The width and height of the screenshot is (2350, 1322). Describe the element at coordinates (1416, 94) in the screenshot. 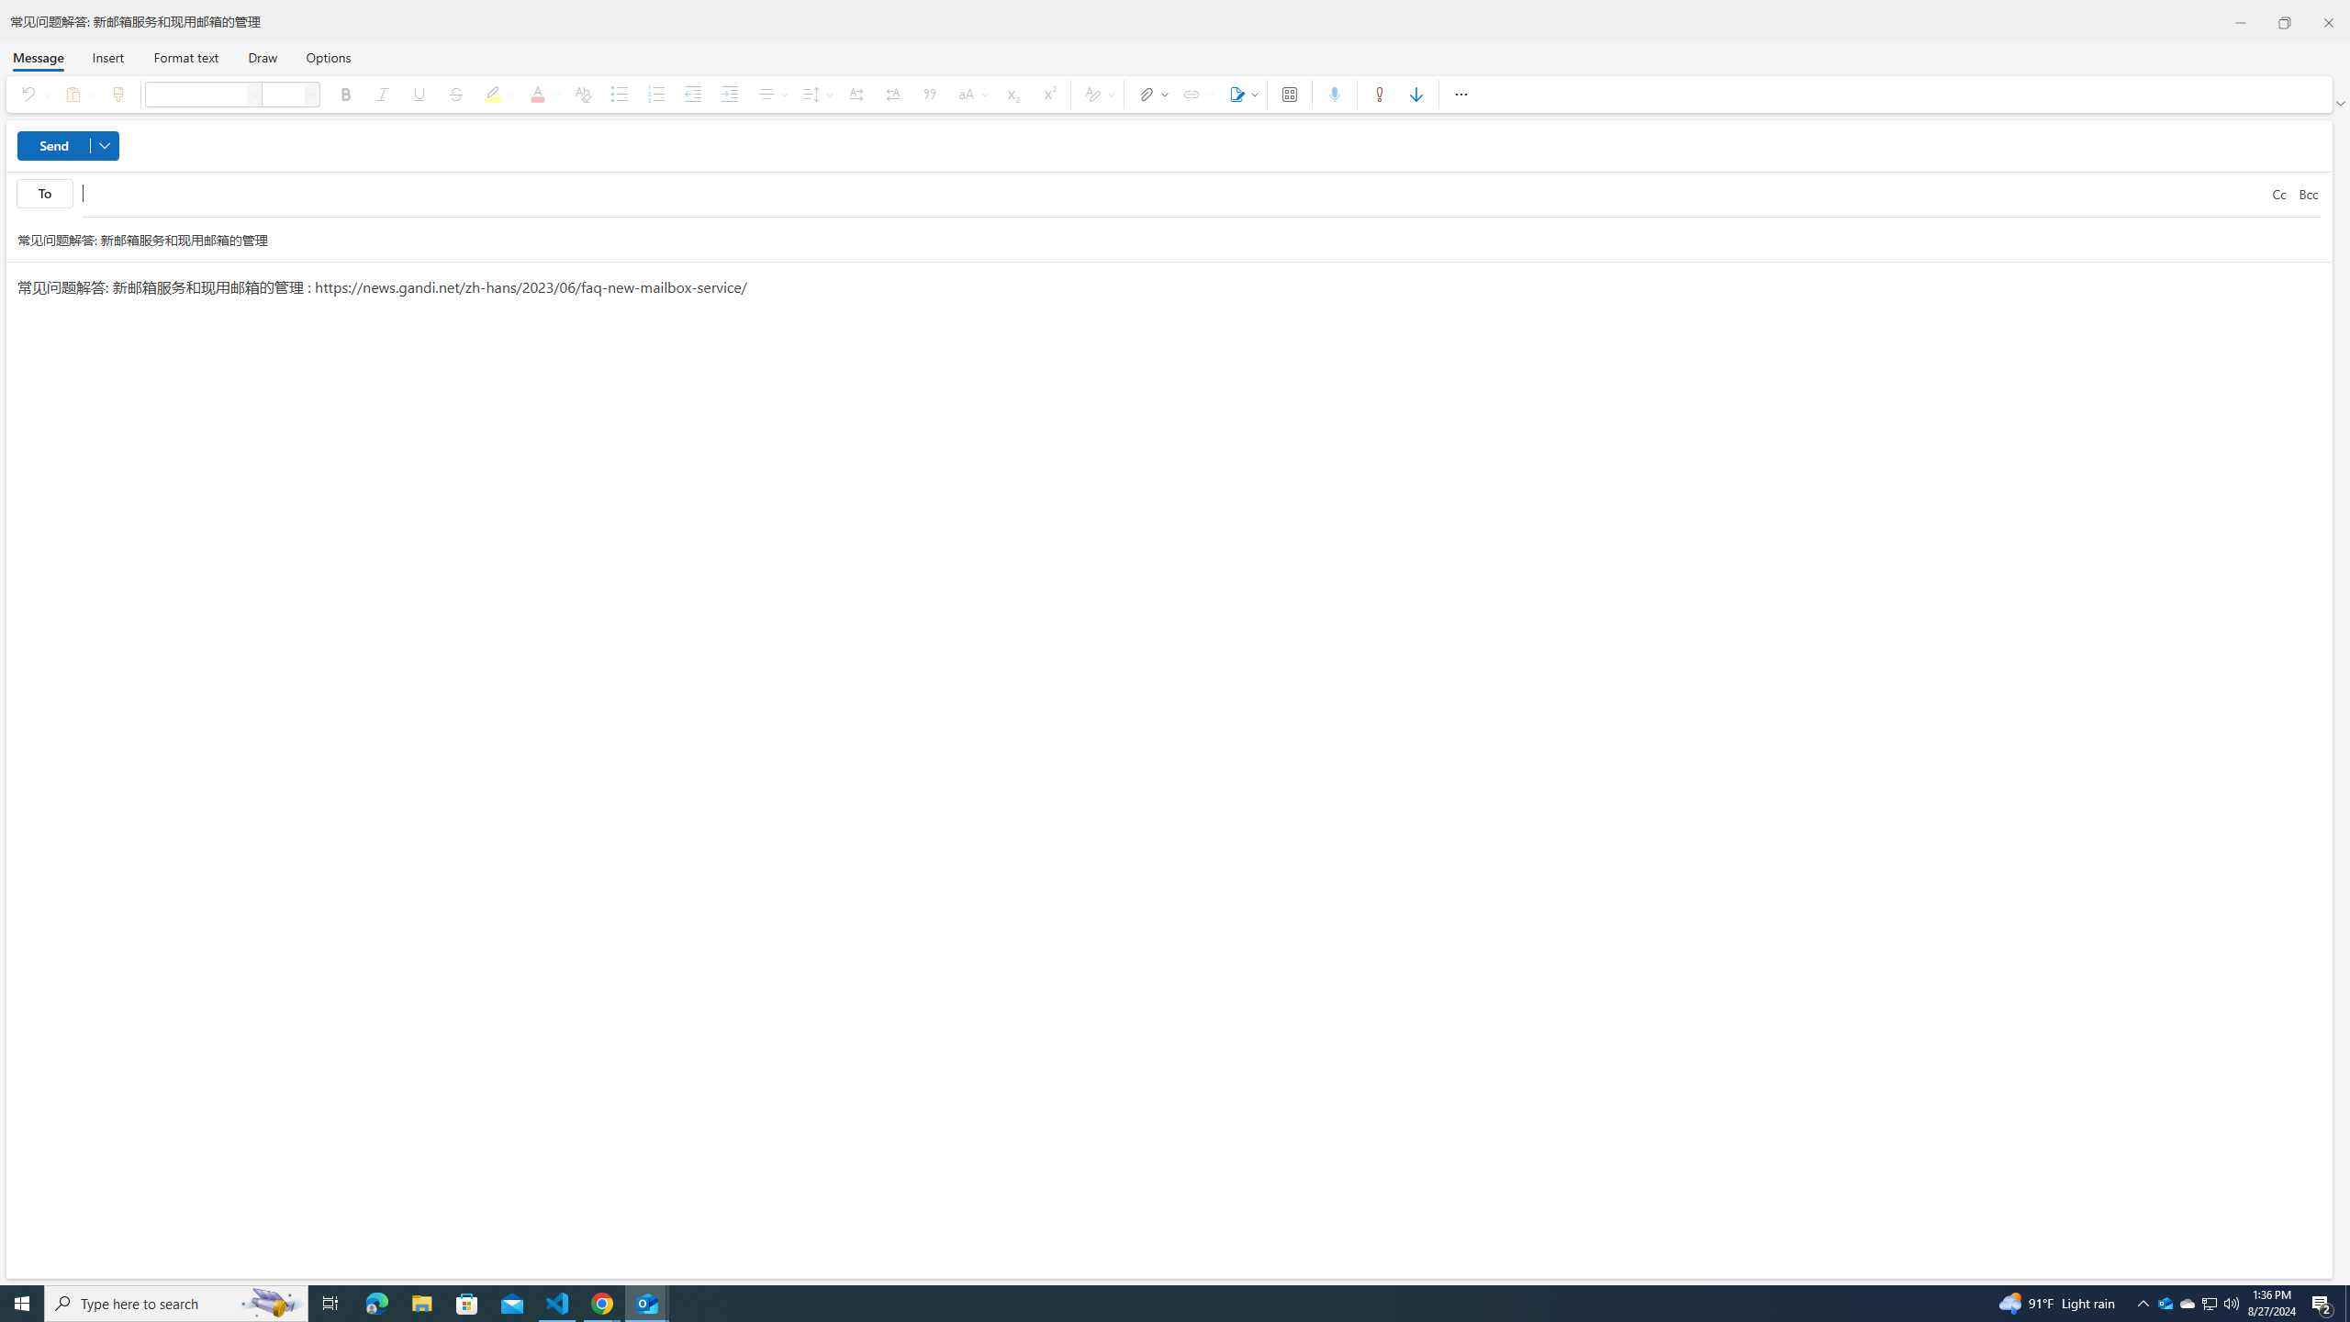

I see `'Low importance'` at that location.